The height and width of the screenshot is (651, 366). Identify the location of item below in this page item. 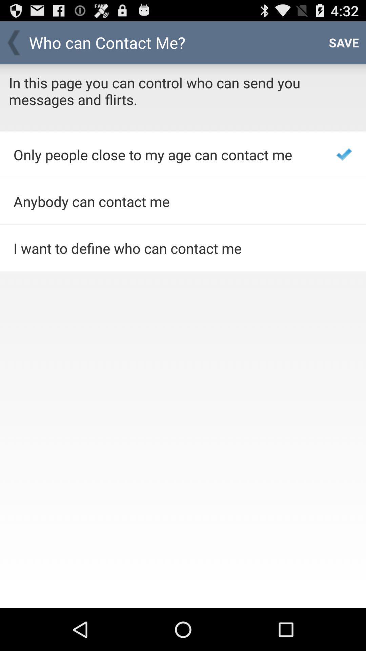
(166, 154).